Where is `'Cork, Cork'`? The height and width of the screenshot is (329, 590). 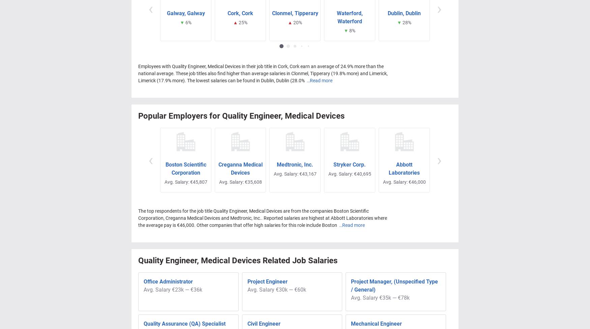
'Cork, Cork' is located at coordinates (227, 13).